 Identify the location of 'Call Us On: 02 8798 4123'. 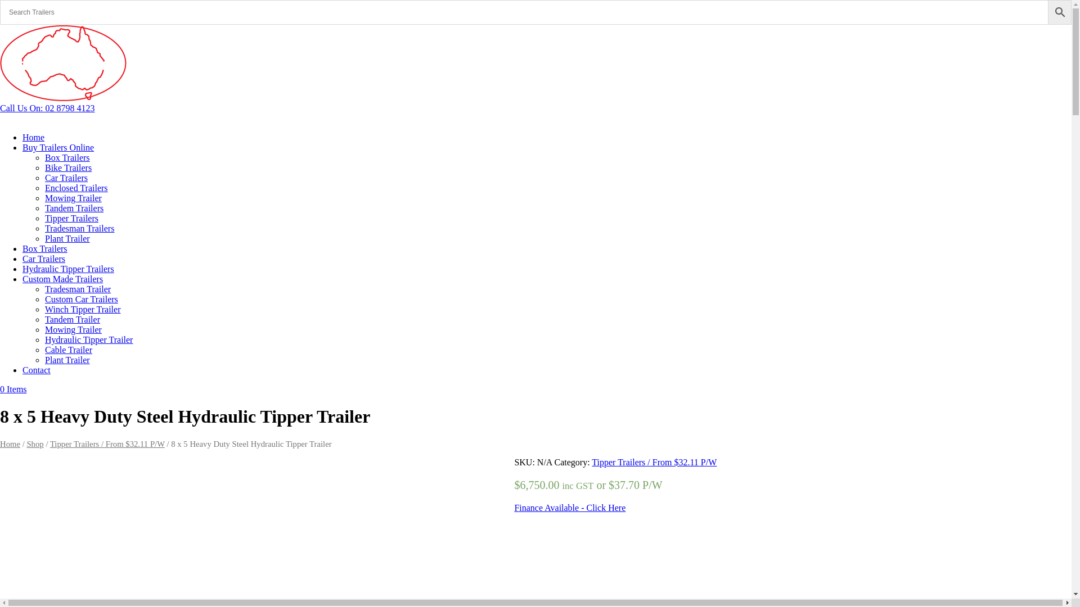
(46, 108).